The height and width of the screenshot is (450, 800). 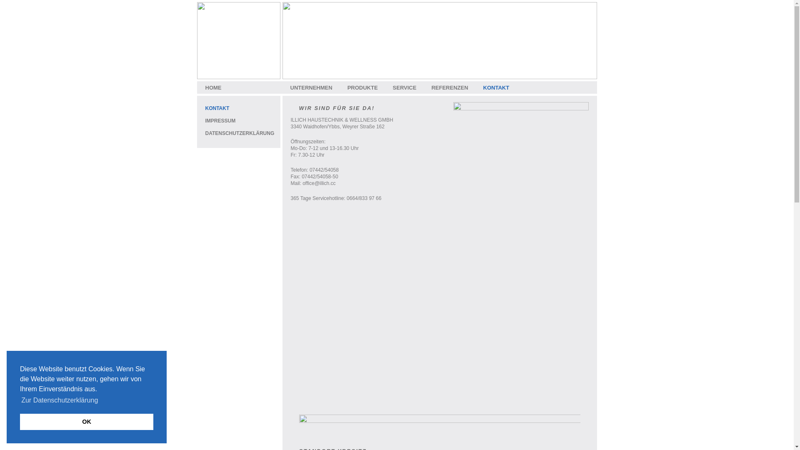 What do you see at coordinates (405, 87) in the screenshot?
I see `'SERVICE'` at bounding box center [405, 87].